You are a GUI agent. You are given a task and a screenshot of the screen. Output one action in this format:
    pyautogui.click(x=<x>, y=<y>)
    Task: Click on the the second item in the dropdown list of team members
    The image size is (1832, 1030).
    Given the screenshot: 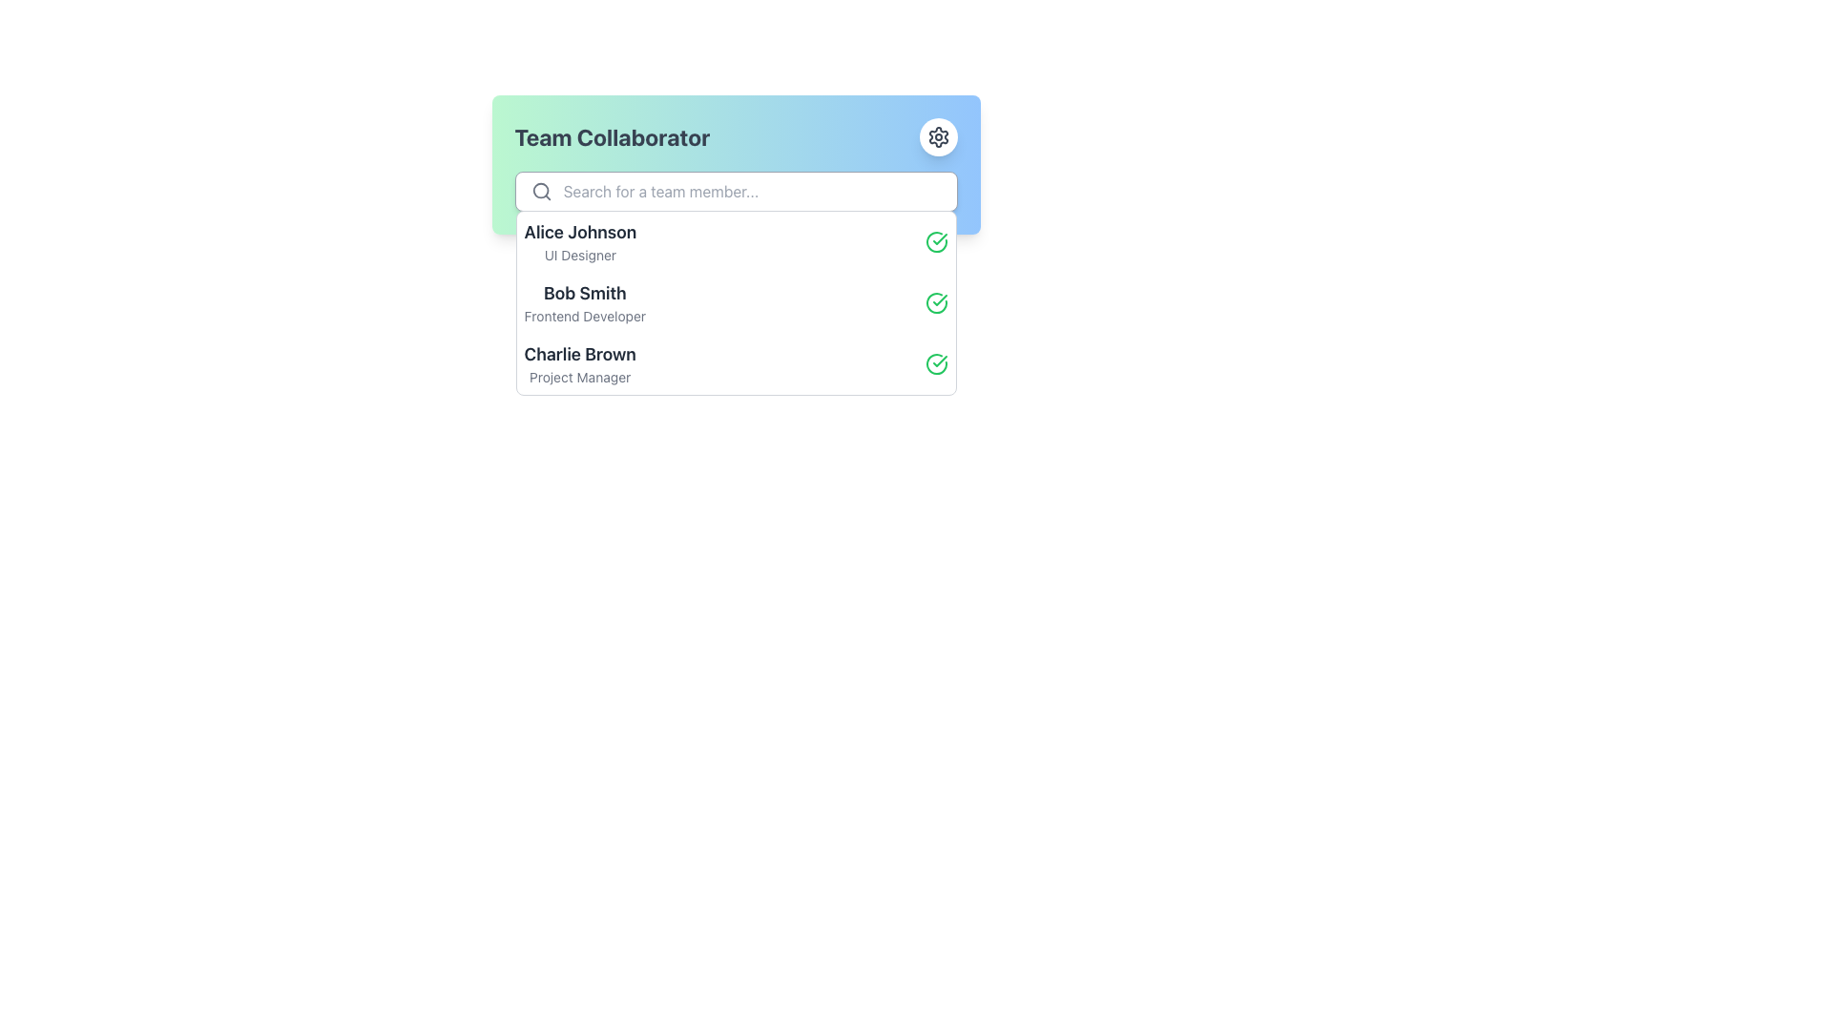 What is the action you would take?
    pyautogui.click(x=735, y=301)
    